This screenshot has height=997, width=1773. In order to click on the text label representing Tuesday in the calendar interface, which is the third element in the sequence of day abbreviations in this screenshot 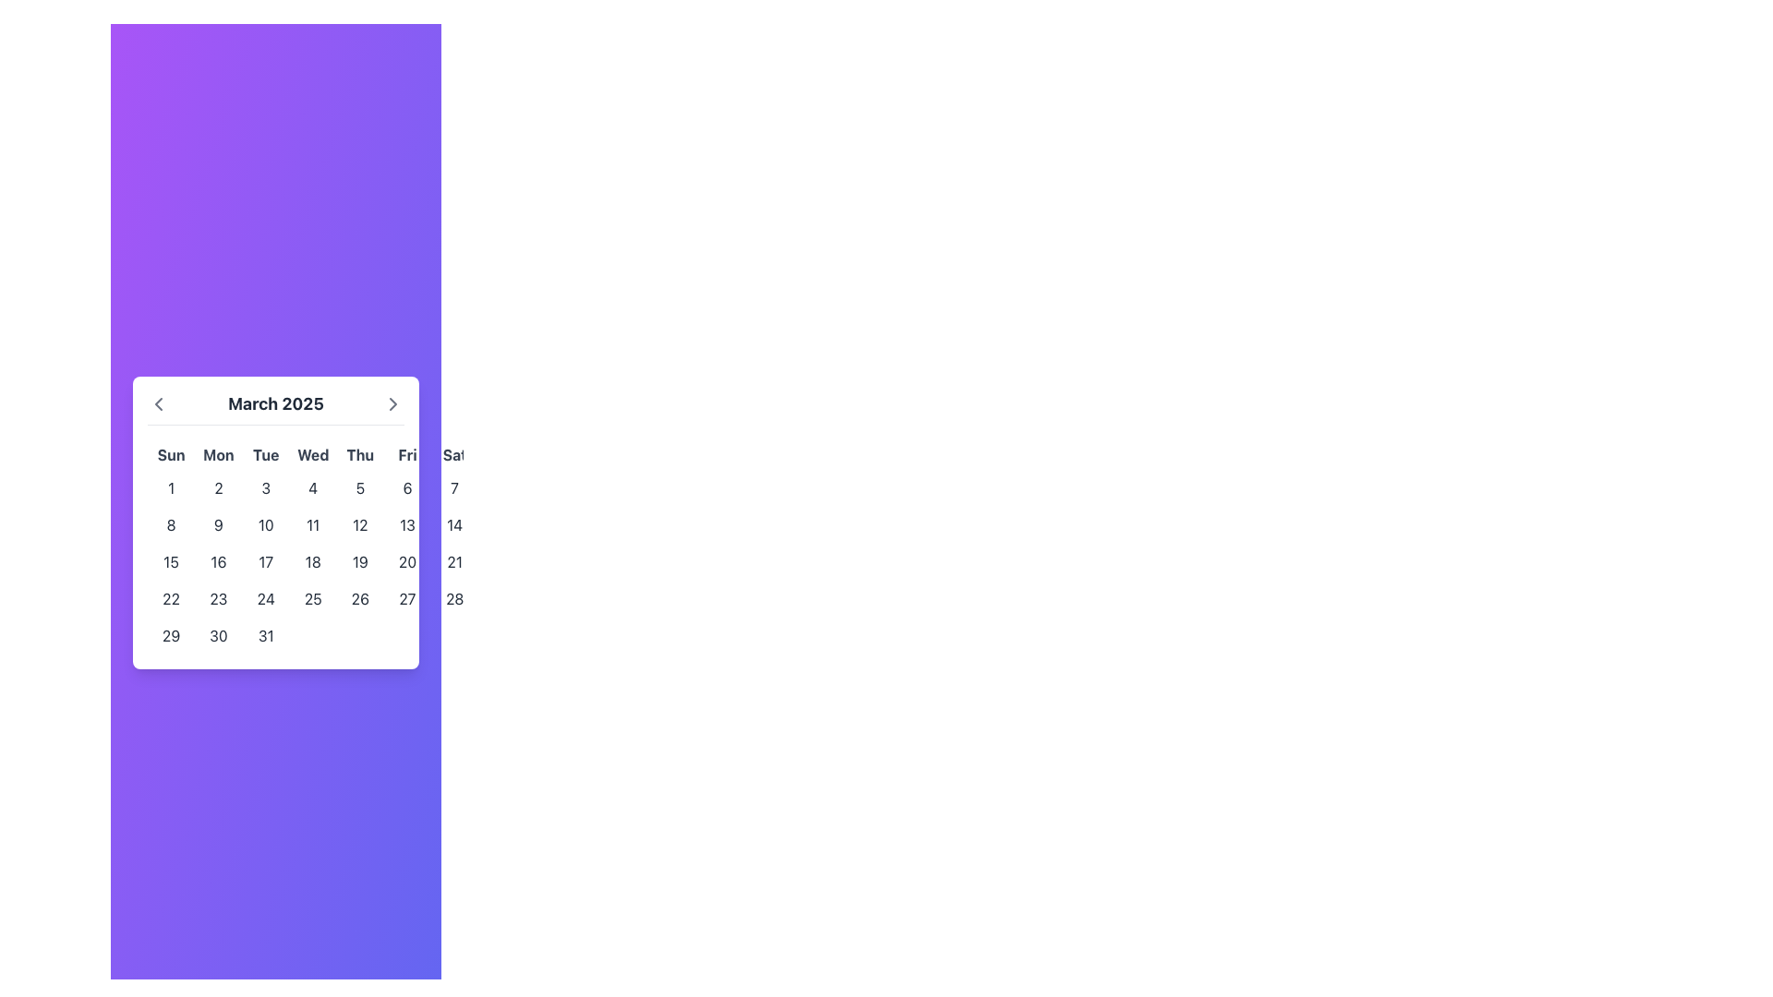, I will do `click(265, 454)`.